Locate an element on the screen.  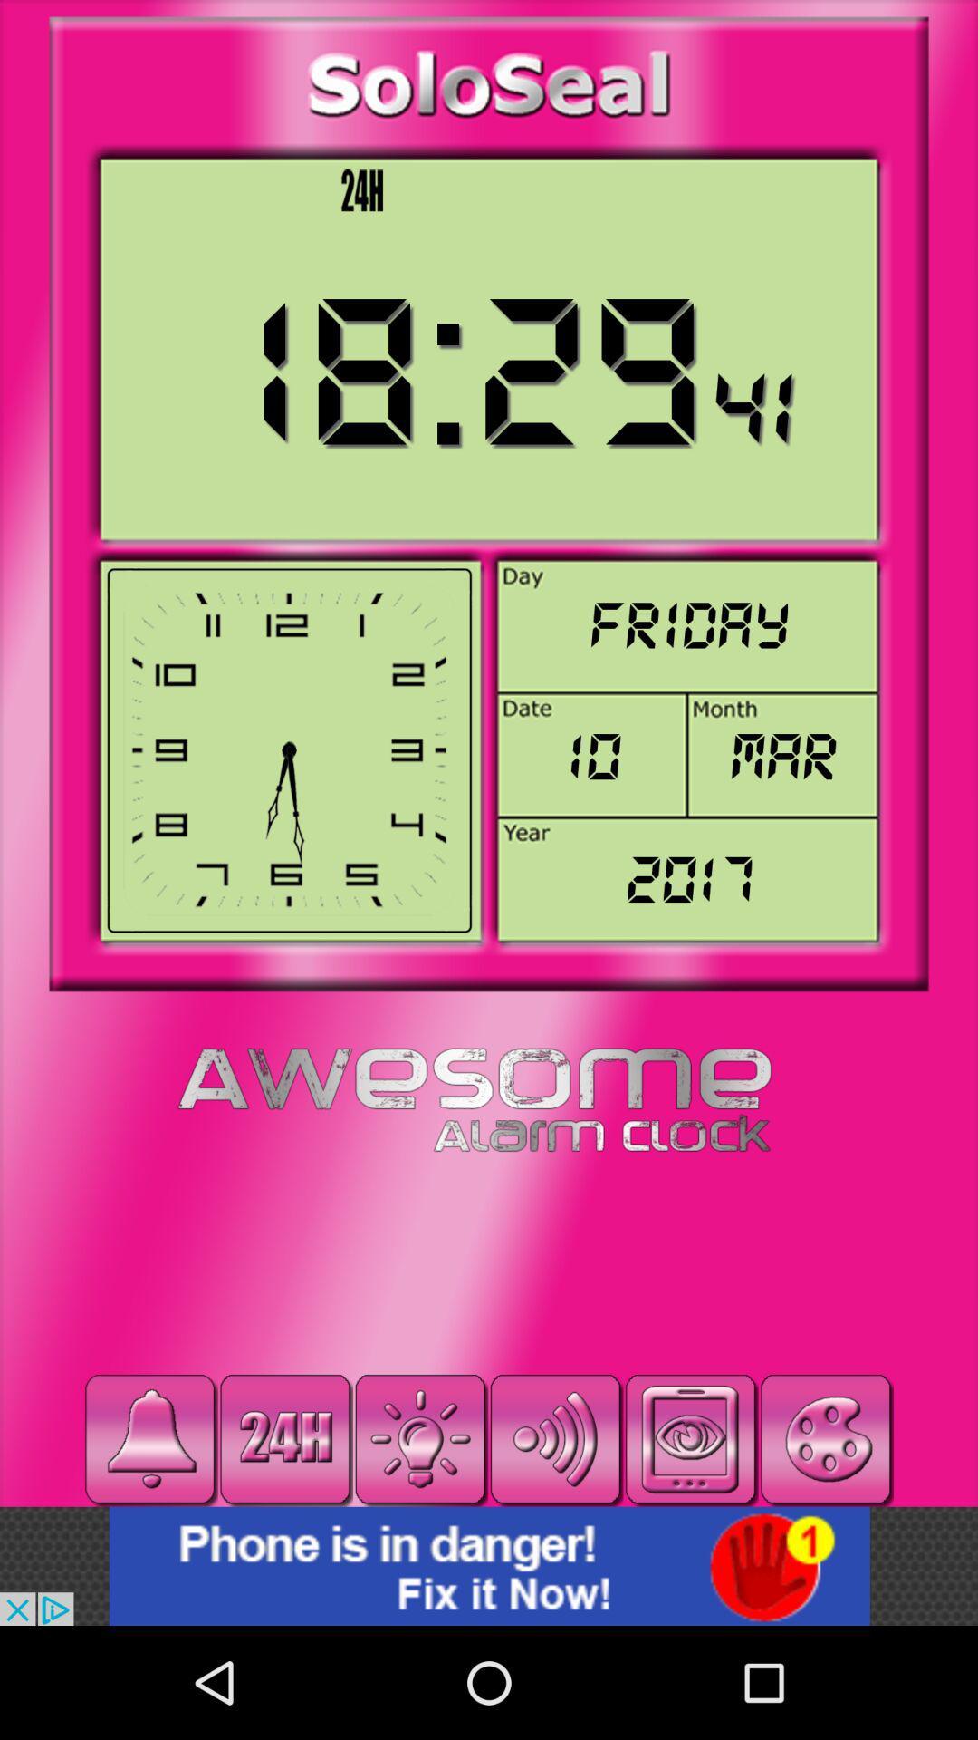
volume control is located at coordinates (554, 1438).